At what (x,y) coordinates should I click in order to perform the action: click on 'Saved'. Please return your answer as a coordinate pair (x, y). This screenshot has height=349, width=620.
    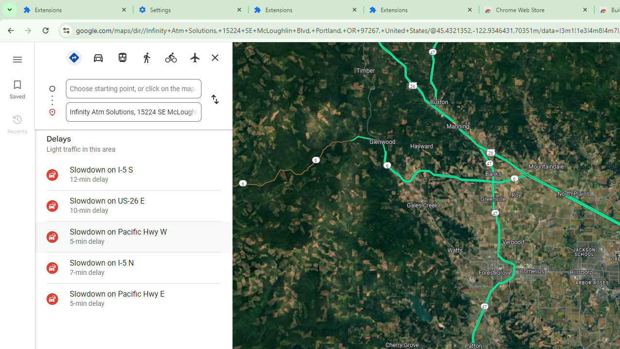
    Looking at the image, I should click on (17, 88).